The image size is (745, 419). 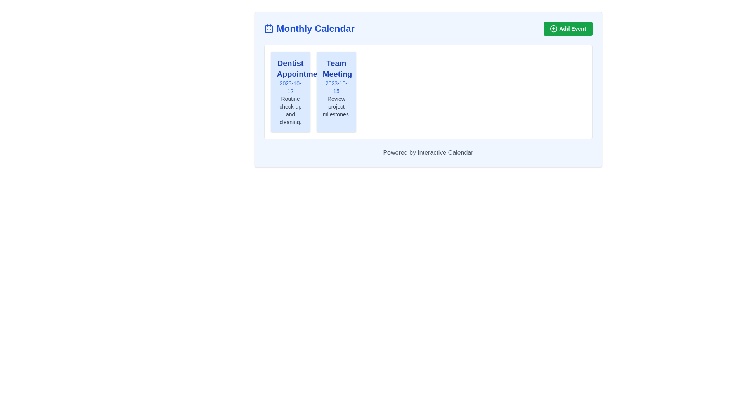 What do you see at coordinates (336, 68) in the screenshot?
I see `the Text Label that identifies and emphasizes the event name 'Team Meeting', which is located at the top of the right card in a two-card layout within a calendar grid` at bounding box center [336, 68].